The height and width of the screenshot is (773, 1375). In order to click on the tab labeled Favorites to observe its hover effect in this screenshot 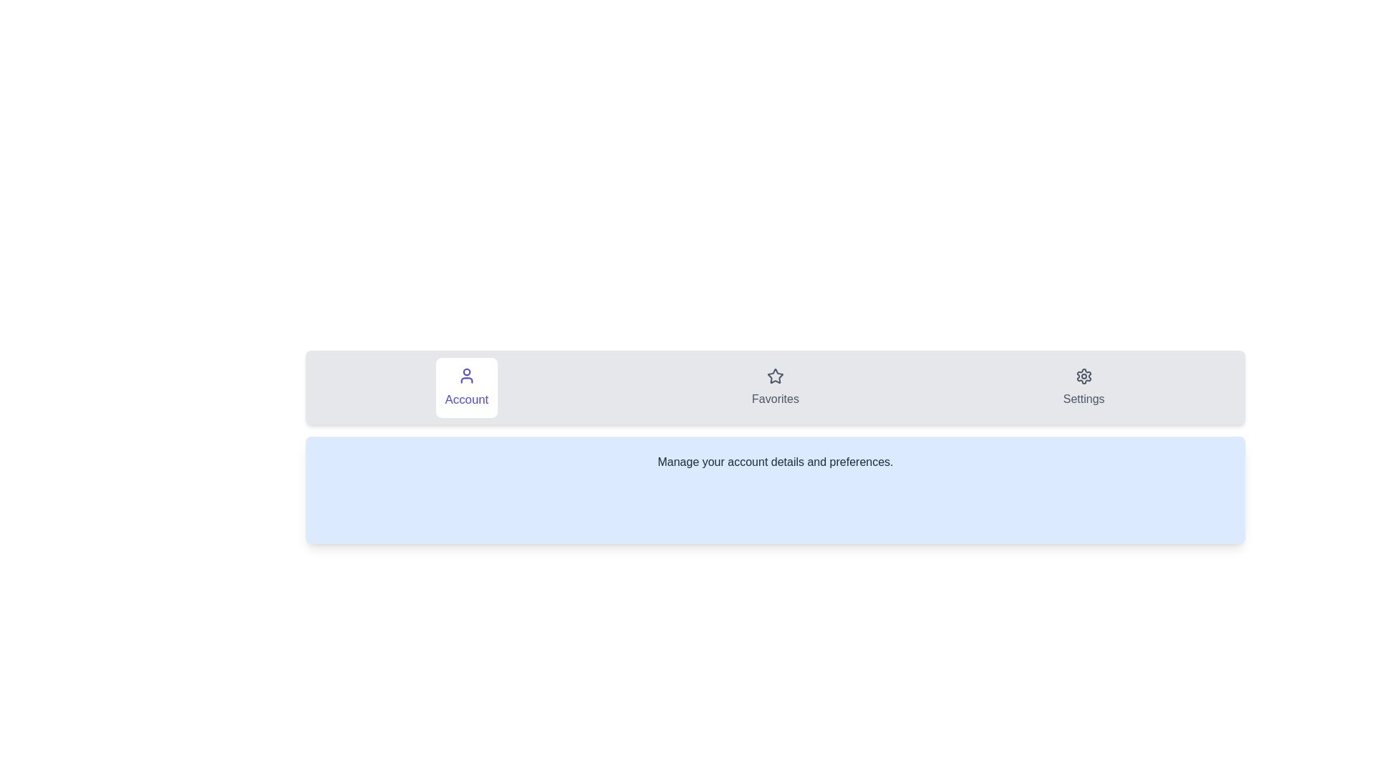, I will do `click(775, 388)`.